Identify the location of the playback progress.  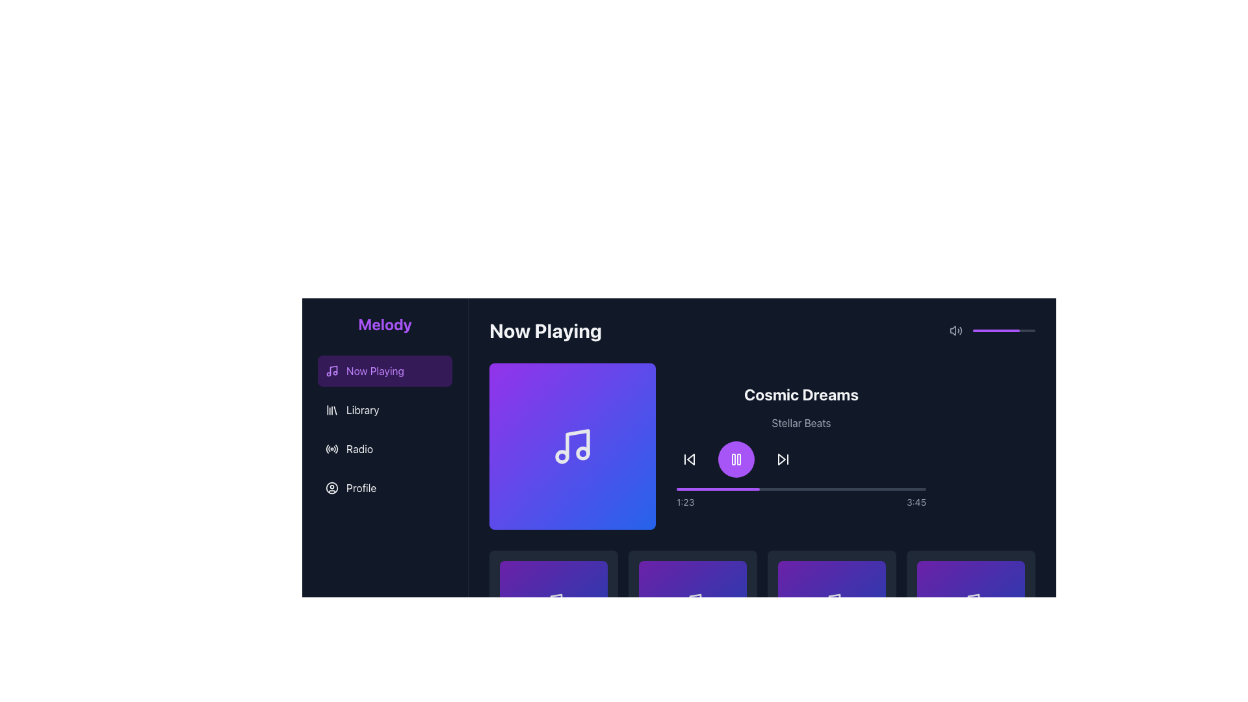
(678, 489).